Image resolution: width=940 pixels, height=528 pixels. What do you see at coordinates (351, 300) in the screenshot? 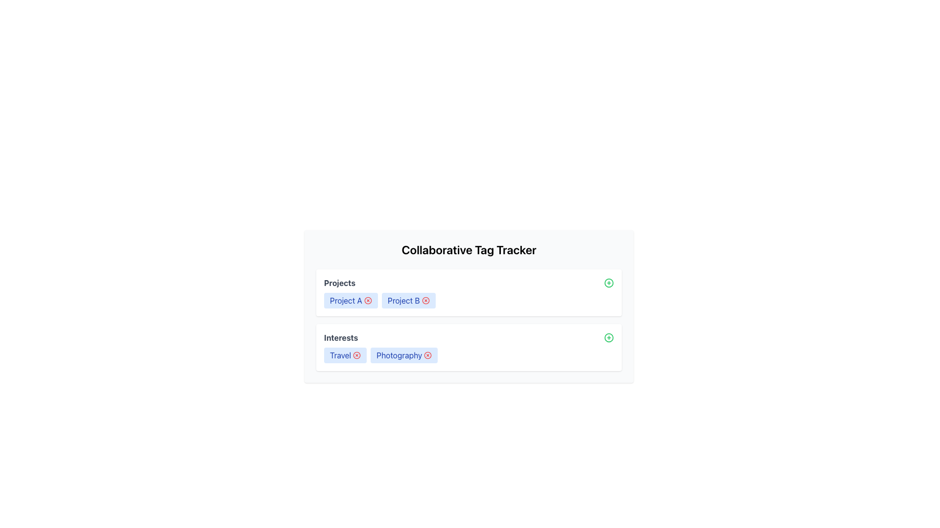
I see `label text of the Tag displaying 'Project A' with a blue background and a small red 'X' button located in the 'Projects' section of the interface` at bounding box center [351, 300].